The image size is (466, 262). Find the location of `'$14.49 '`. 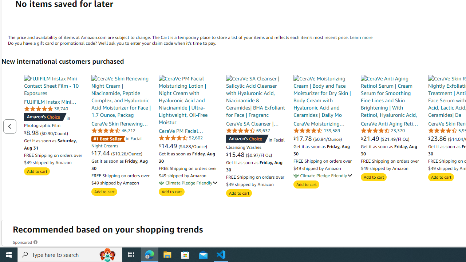

'$14.49 ' is located at coordinates (169, 146).